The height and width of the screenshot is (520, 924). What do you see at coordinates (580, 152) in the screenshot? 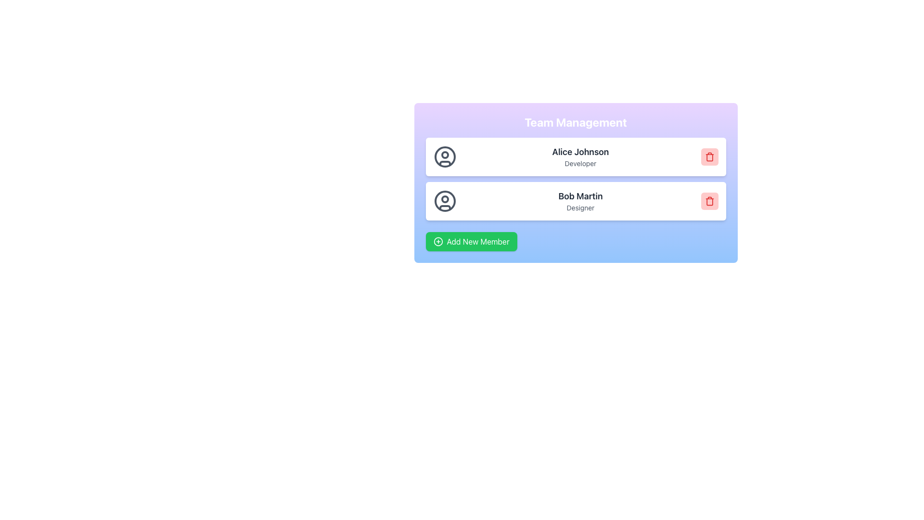
I see `the text label displaying 'Alice Johnson', which identifies the user's profile at the top section of the profile card located under 'Team Management'` at bounding box center [580, 152].